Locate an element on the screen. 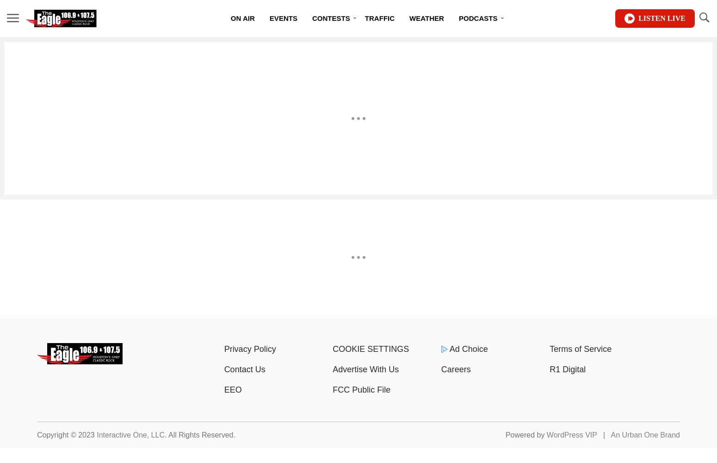 Image resolution: width=717 pixels, height=463 pixels. 'Rog’s Wild Pitch' is located at coordinates (479, 84).